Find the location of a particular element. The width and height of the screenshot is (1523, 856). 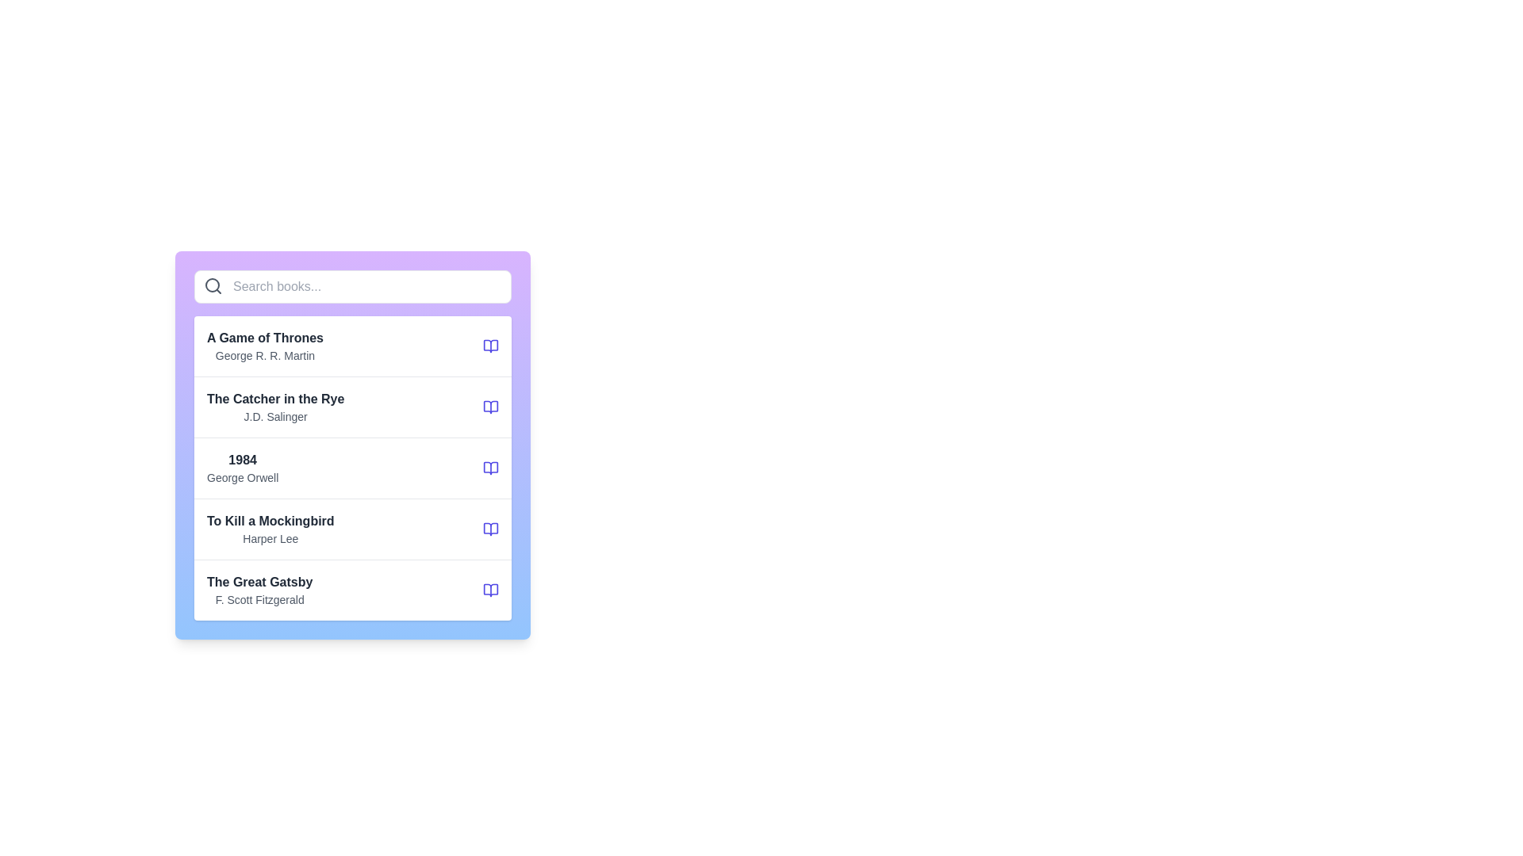

the fourth list item in the book search interface to view its details is located at coordinates (352, 529).